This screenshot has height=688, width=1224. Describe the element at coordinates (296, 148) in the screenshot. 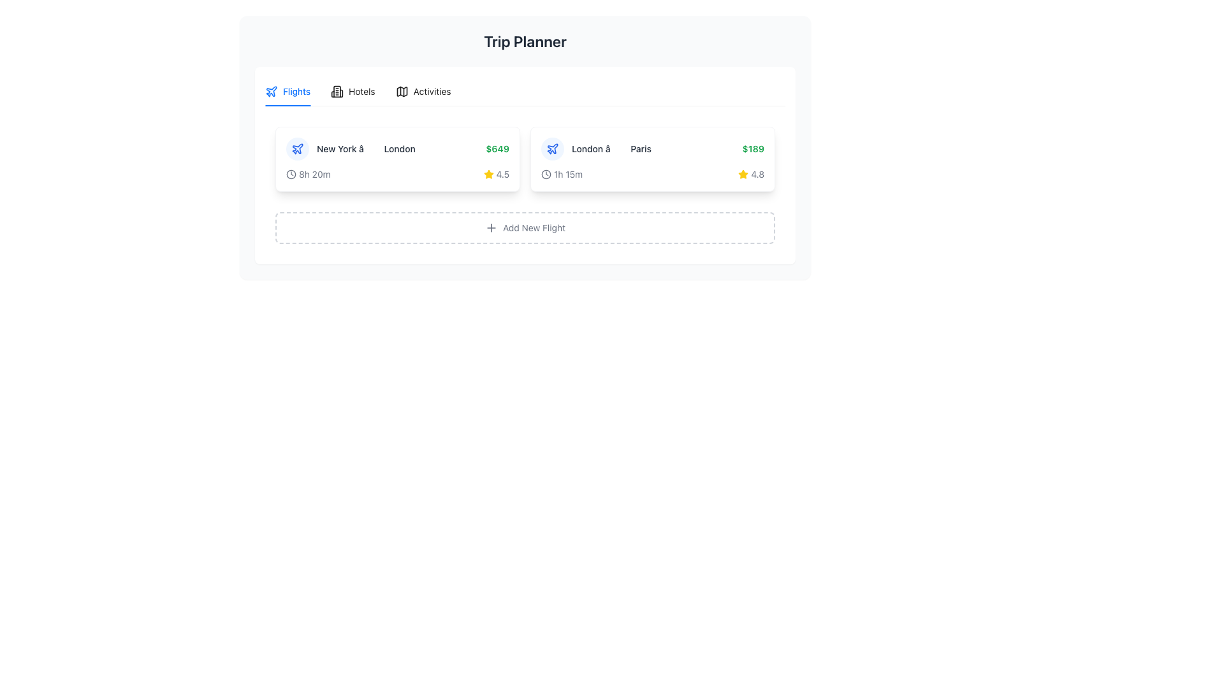

I see `the blue airplane SVG icon located at the beginning of the flight information section, to the left of the text 'New York à London'` at that location.